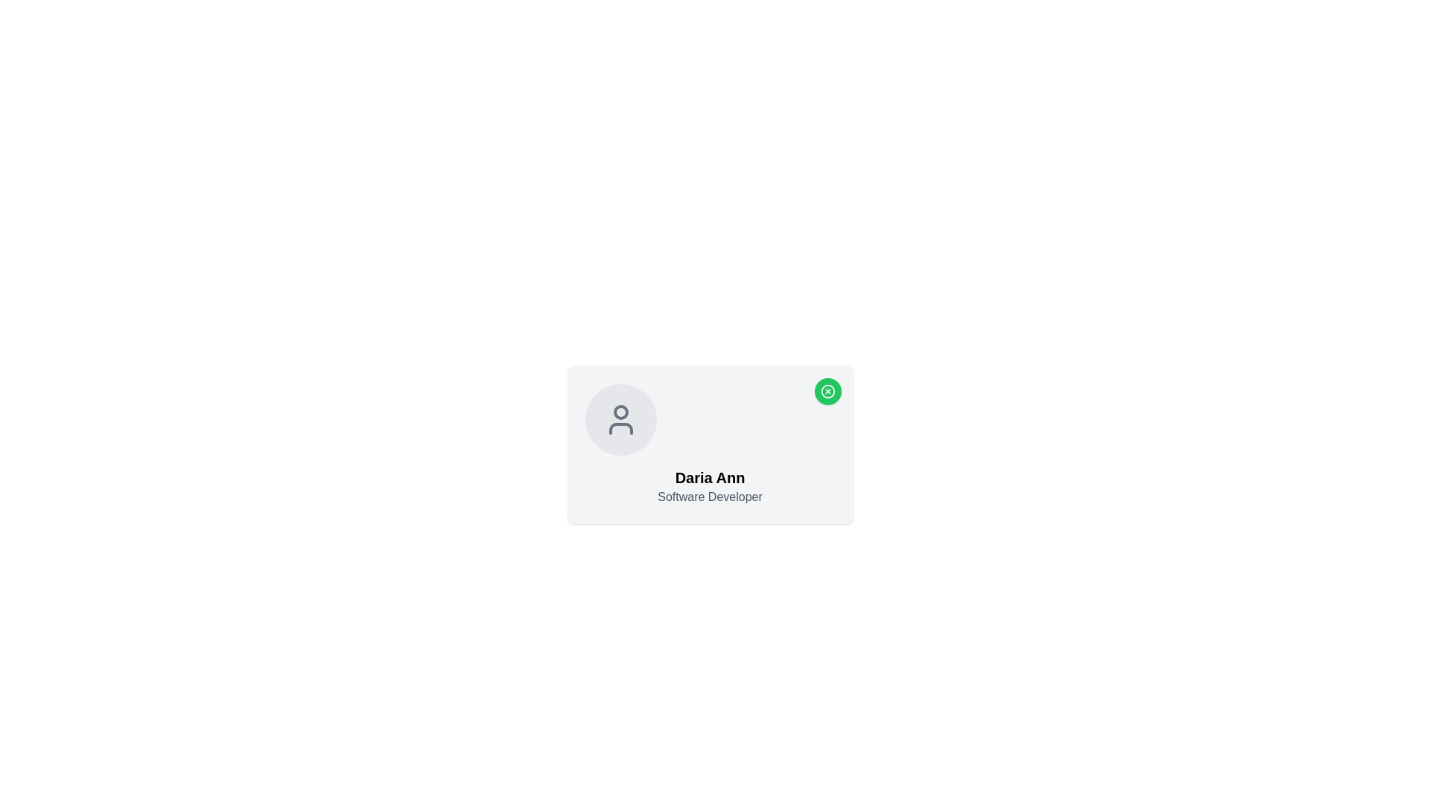 The width and height of the screenshot is (1430, 804). I want to click on the SVG circle graphic element located in the upper-right portion of the card-like component, so click(827, 390).